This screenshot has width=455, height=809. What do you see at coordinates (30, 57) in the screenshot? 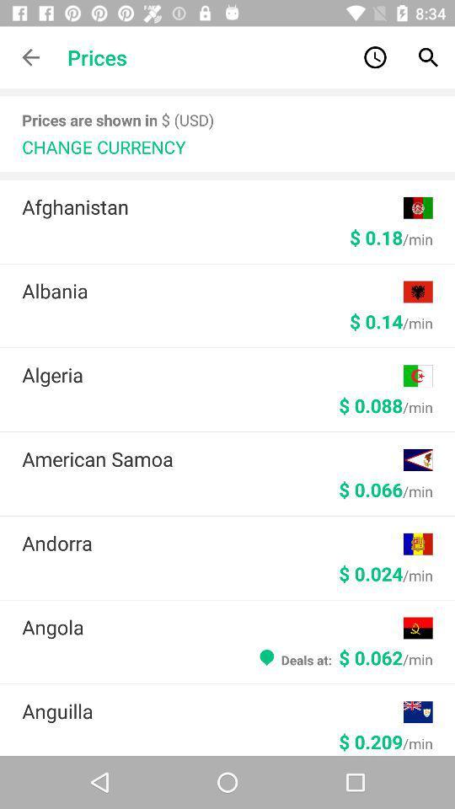
I see `item next to the prices` at bounding box center [30, 57].